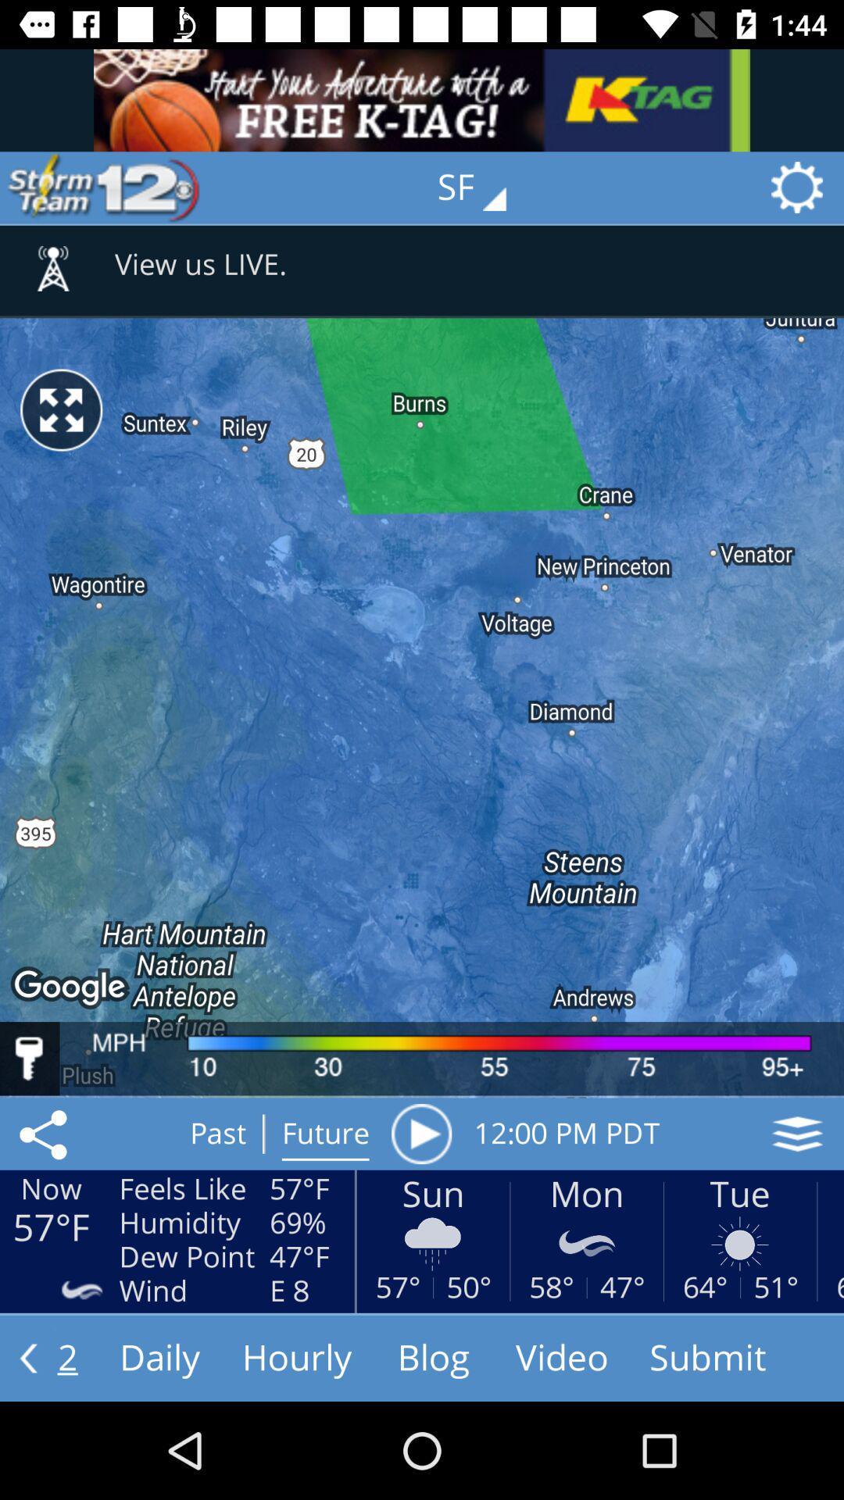  Describe the element at coordinates (420, 1134) in the screenshot. I see `icon to the left of the 12 00 pm` at that location.